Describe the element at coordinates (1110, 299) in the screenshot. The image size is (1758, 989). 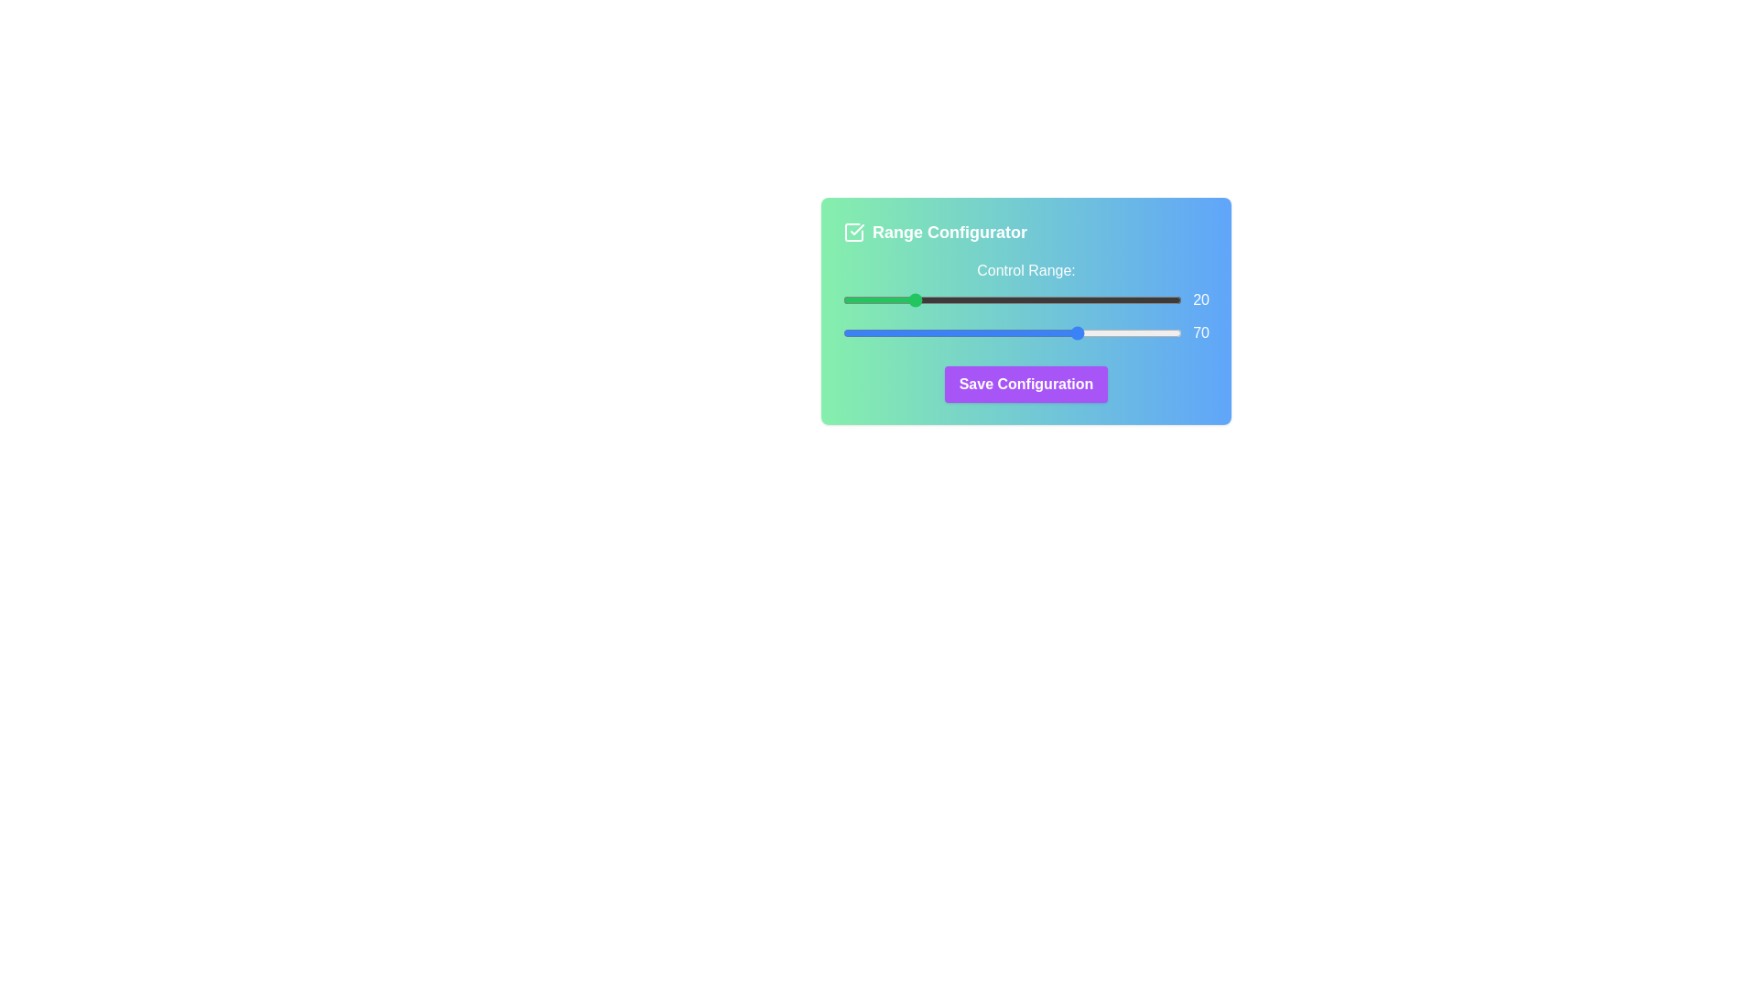
I see `the start range slider to set the value to 79` at that location.